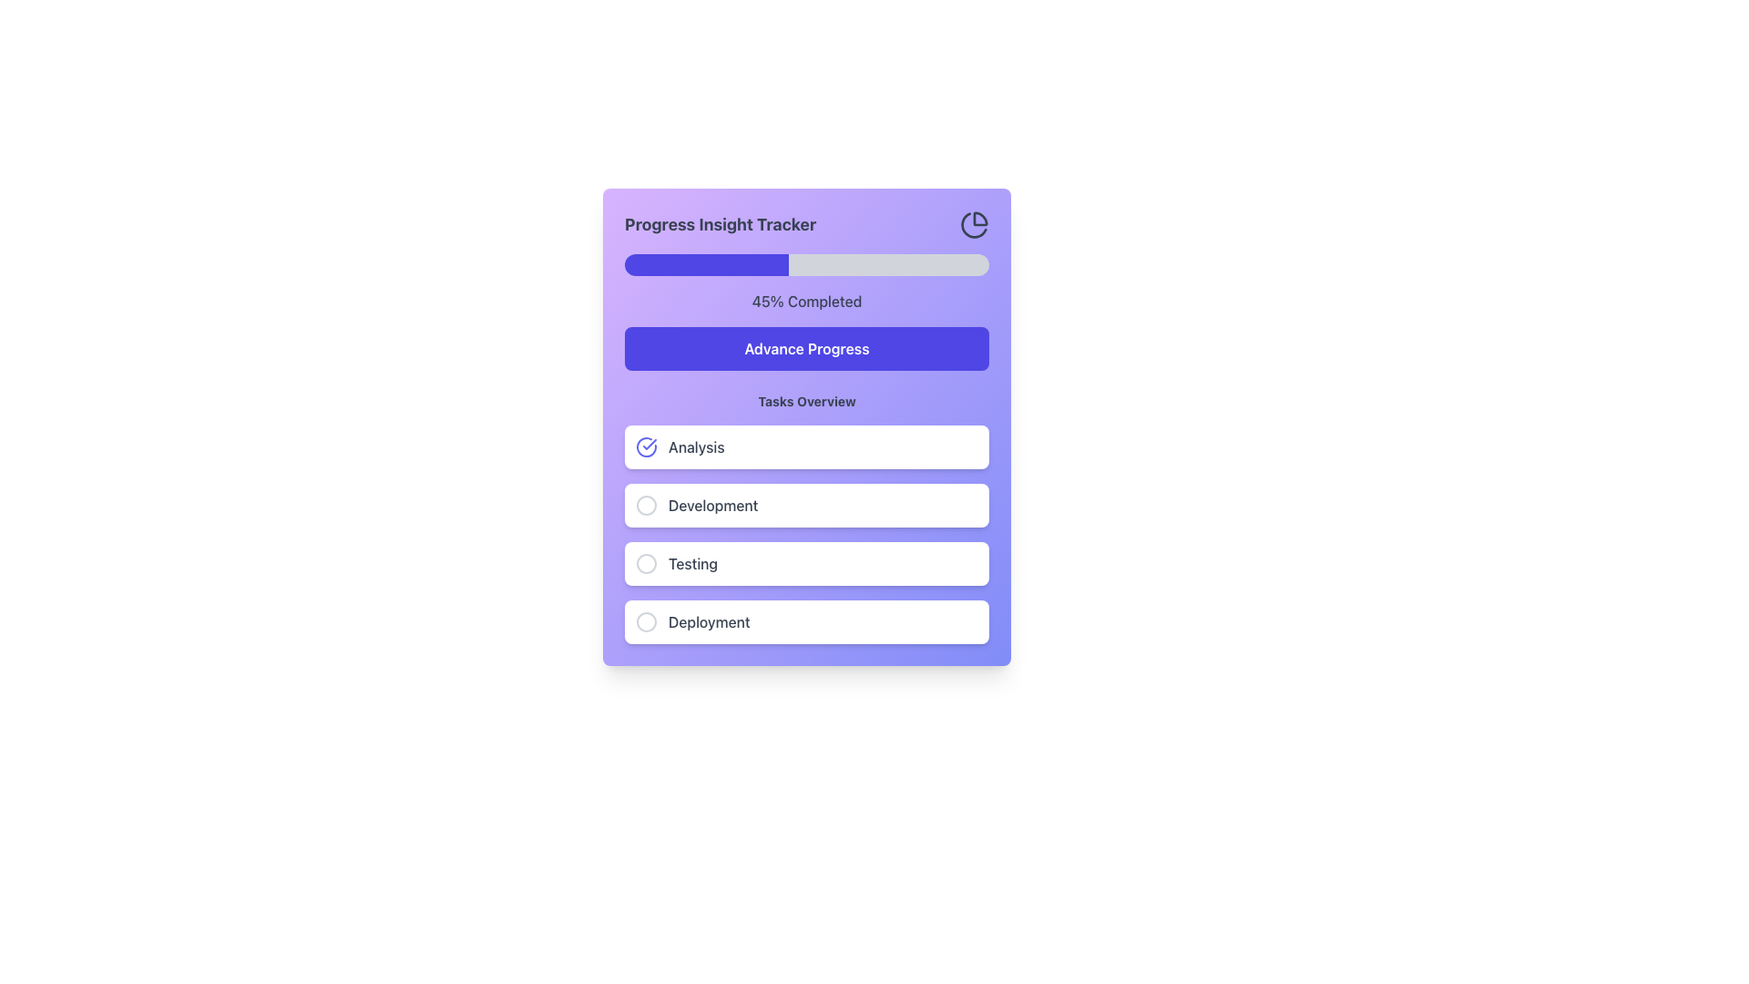 The width and height of the screenshot is (1749, 984). What do you see at coordinates (974, 223) in the screenshot?
I see `the circular icon resembling a pie chart located in the top-right corner of the 'Progress Insight Tracker' card` at bounding box center [974, 223].